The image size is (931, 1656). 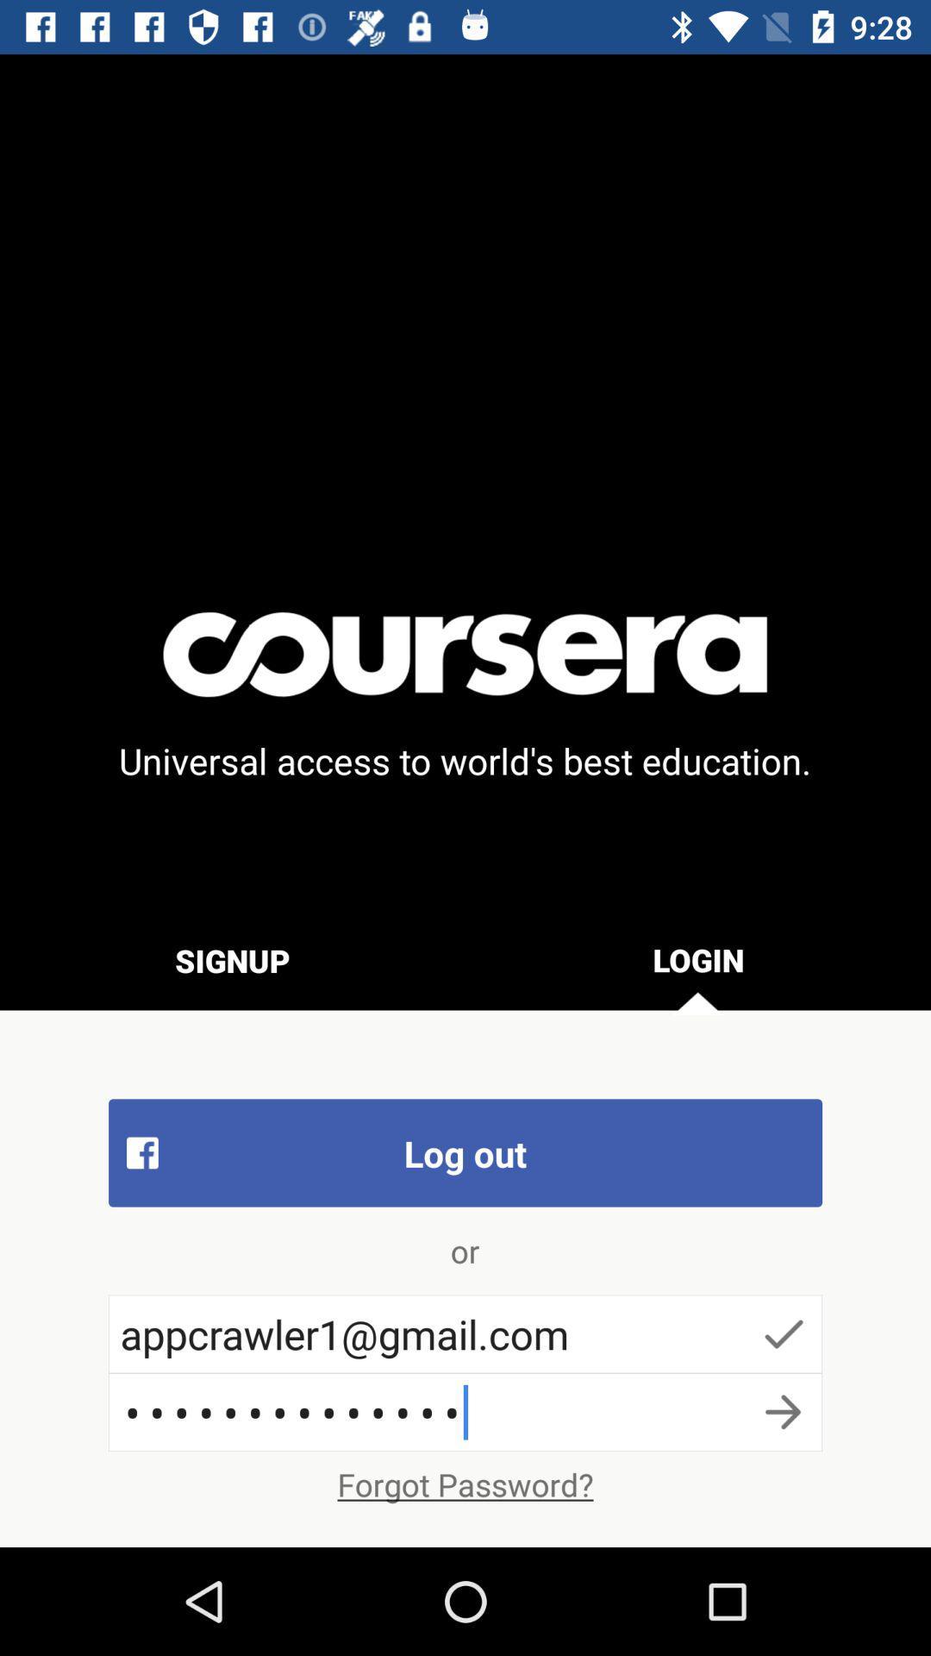 I want to click on the forgot password? item, so click(x=465, y=1483).